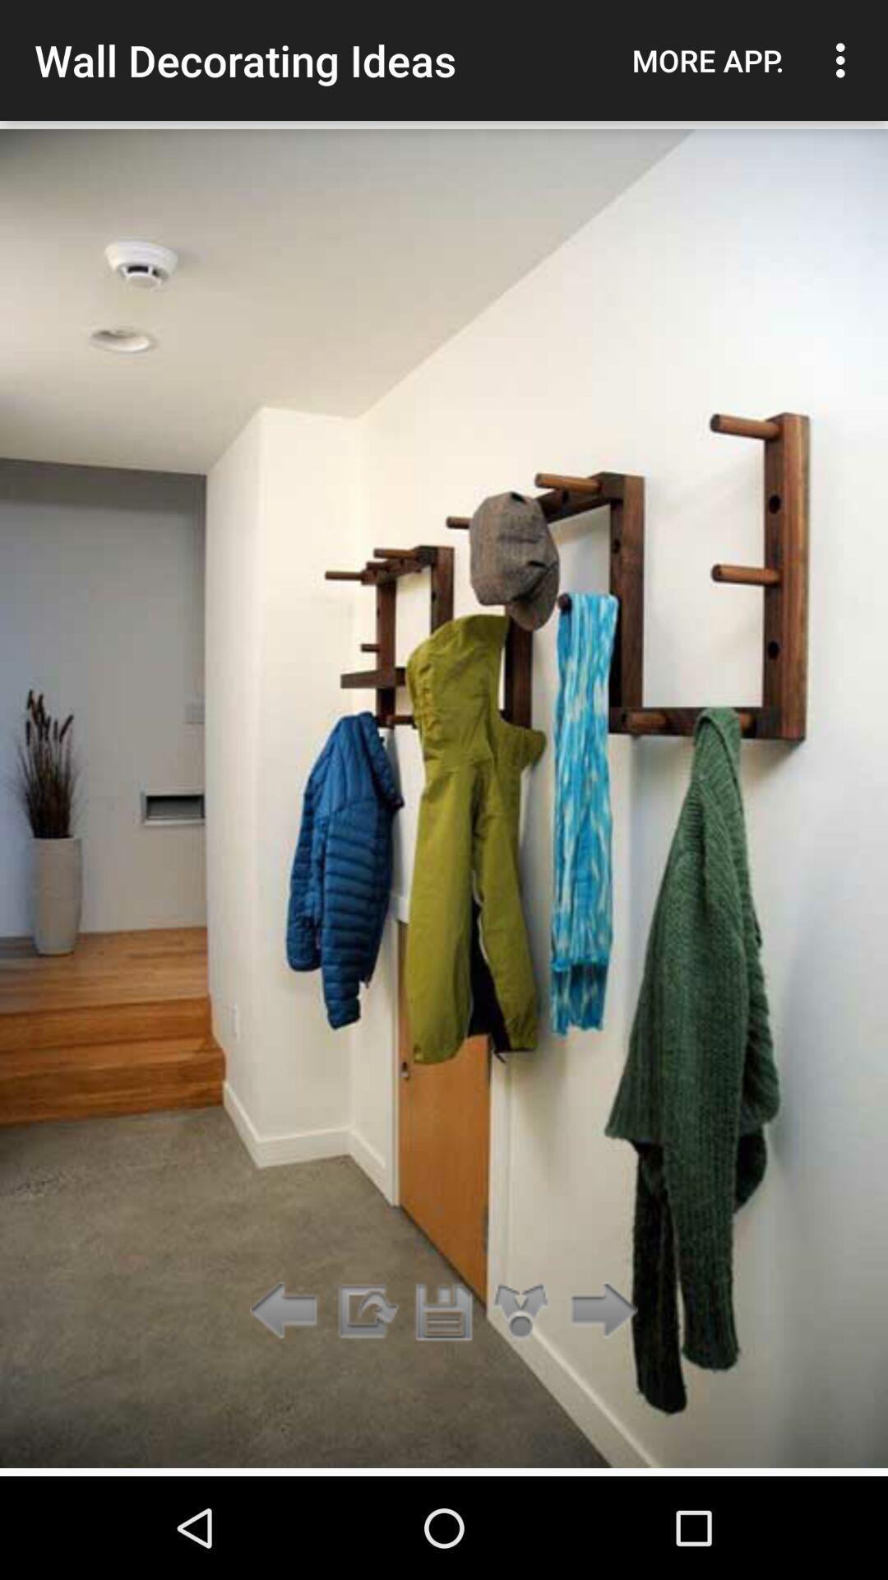 The image size is (888, 1580). I want to click on the share icon, so click(521, 1311).